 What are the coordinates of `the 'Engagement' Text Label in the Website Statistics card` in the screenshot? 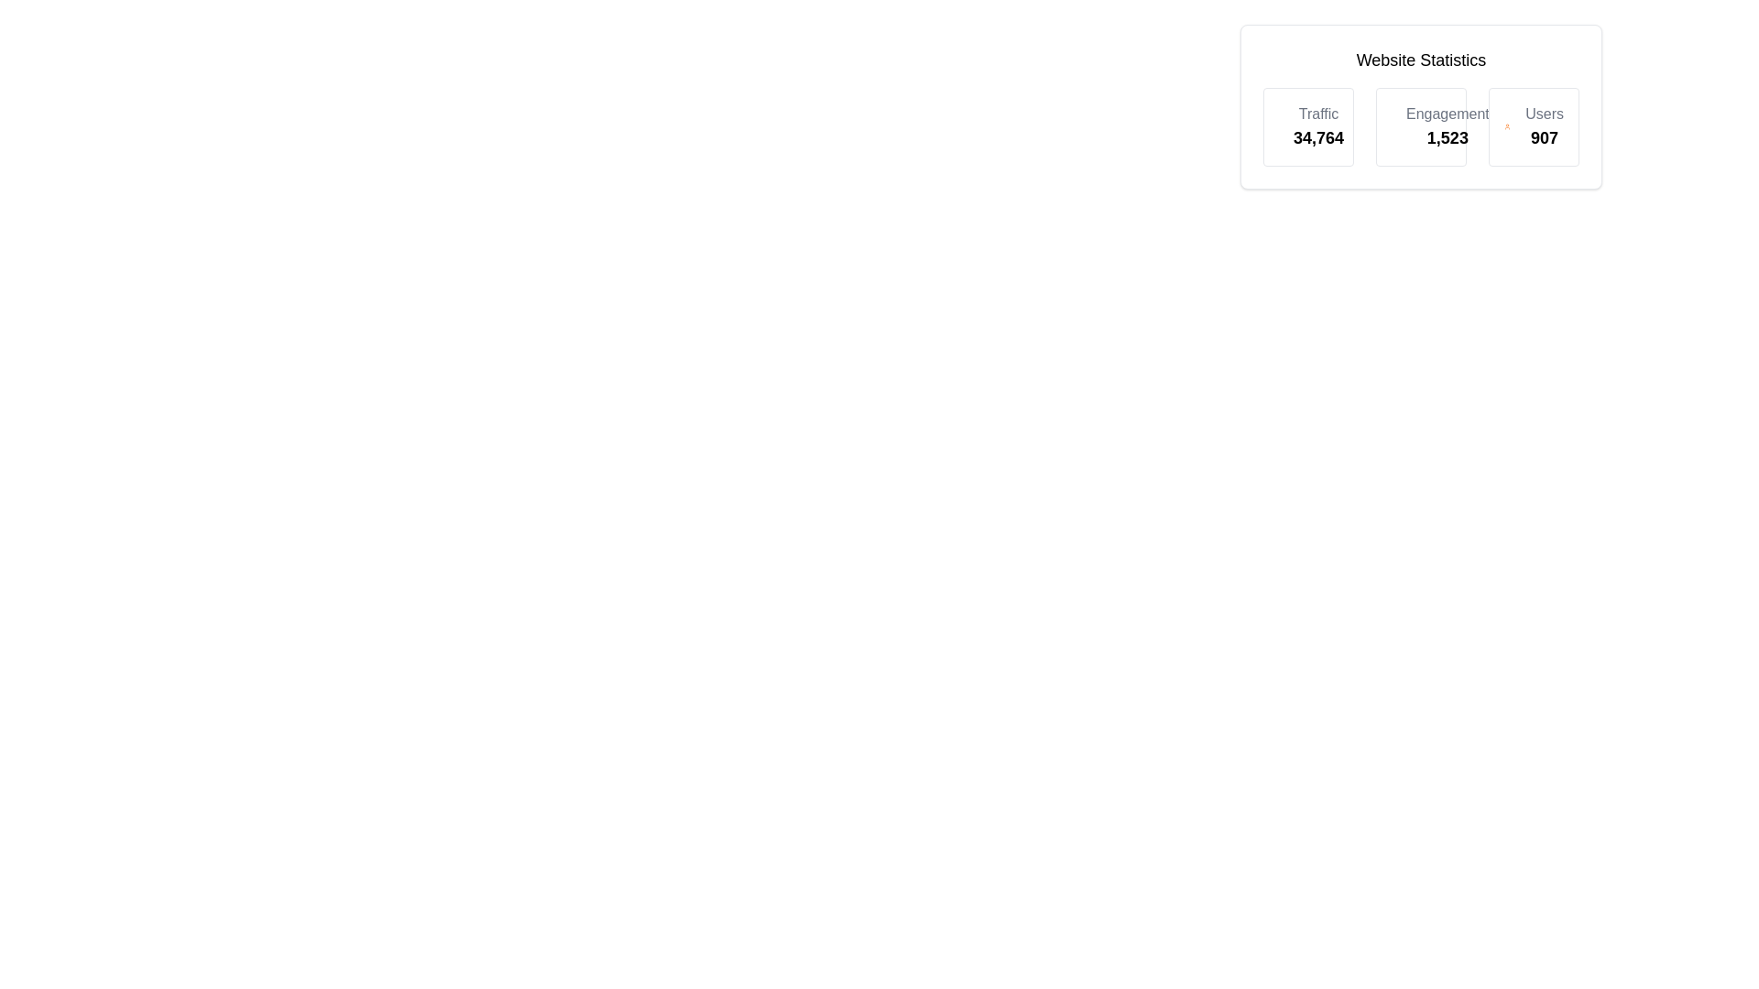 It's located at (1447, 114).